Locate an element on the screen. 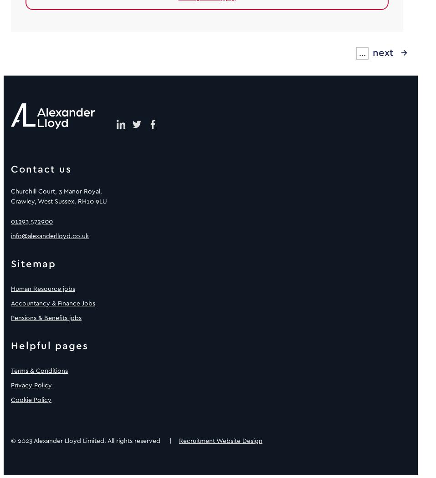 The width and height of the screenshot is (436, 478). 'info@alexanderlloyd.co.uk' is located at coordinates (50, 235).